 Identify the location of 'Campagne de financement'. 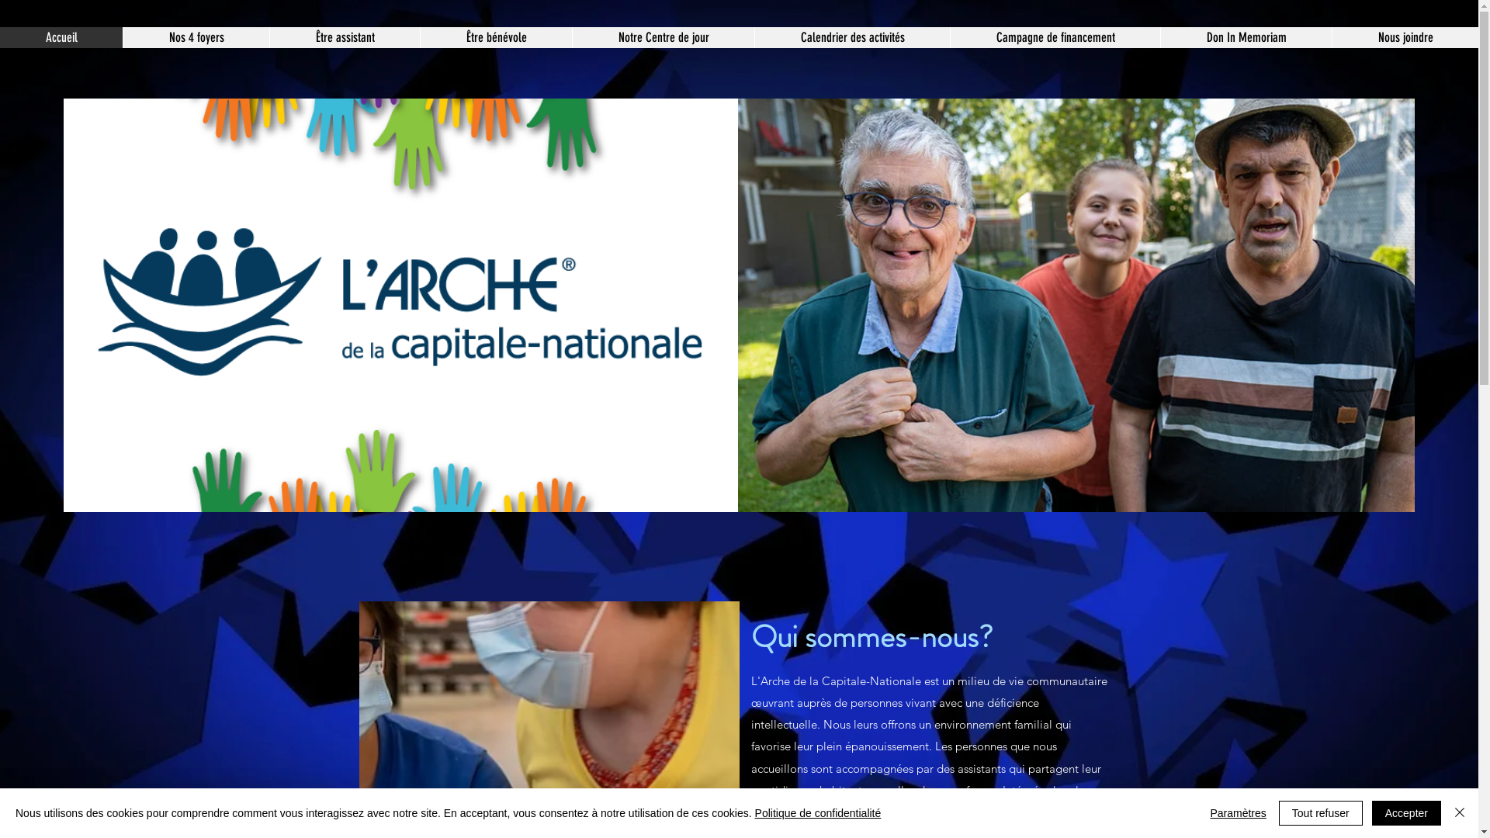
(1055, 36).